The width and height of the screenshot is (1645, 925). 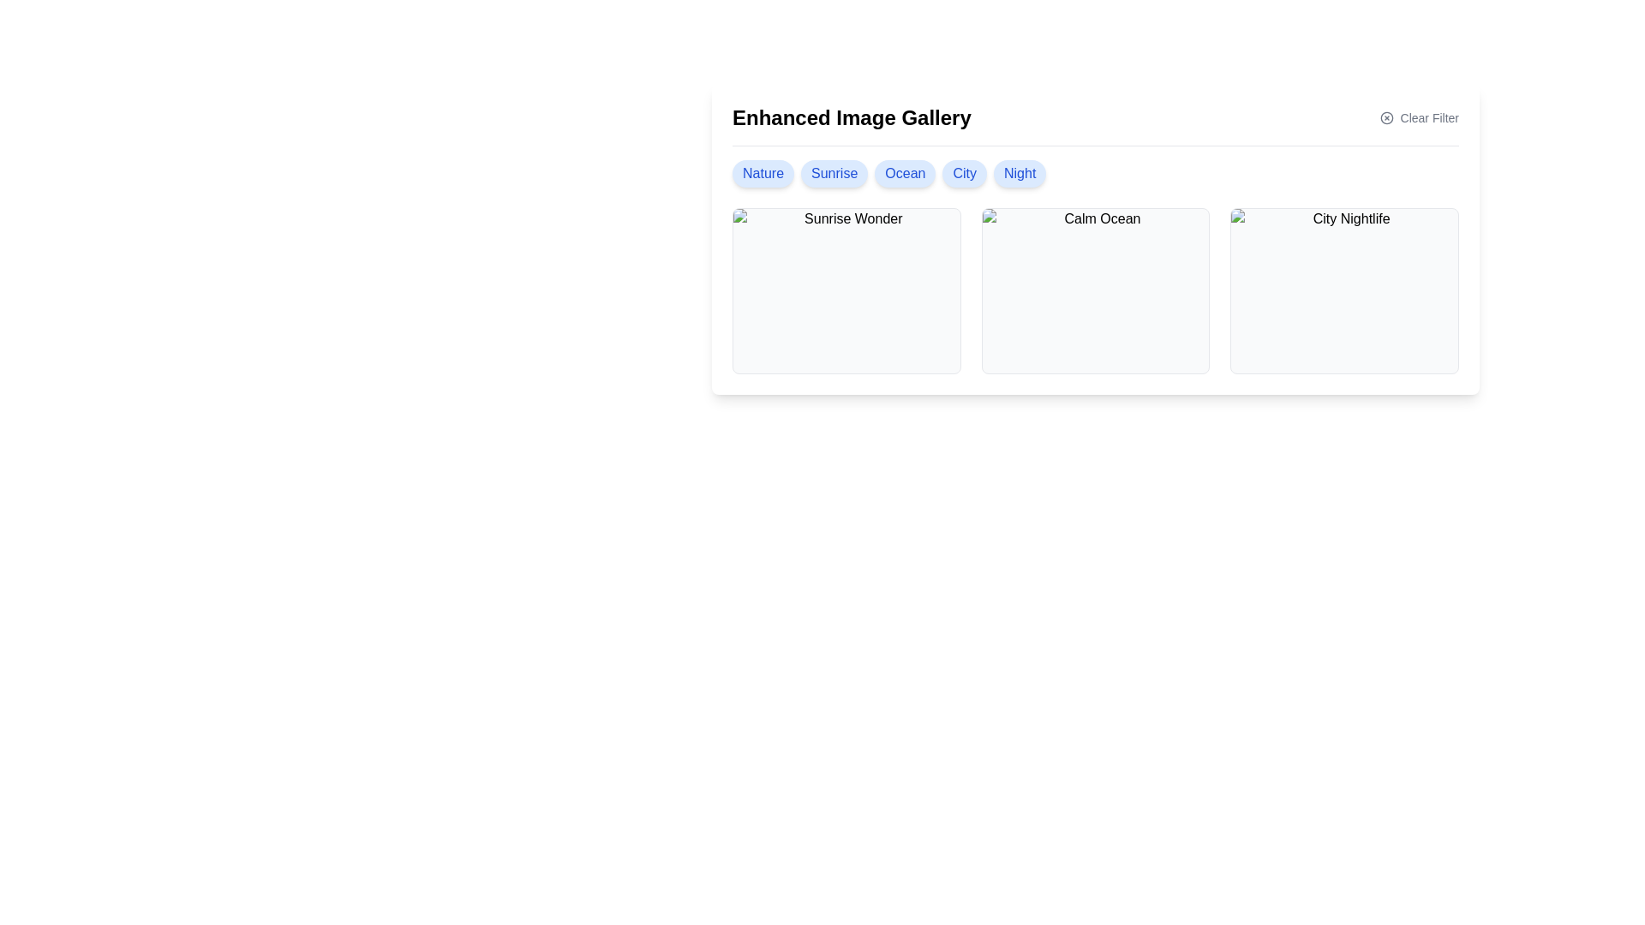 I want to click on the text label that clears applied filters in the interface to reset the filtered items to their default state, so click(x=1429, y=117).